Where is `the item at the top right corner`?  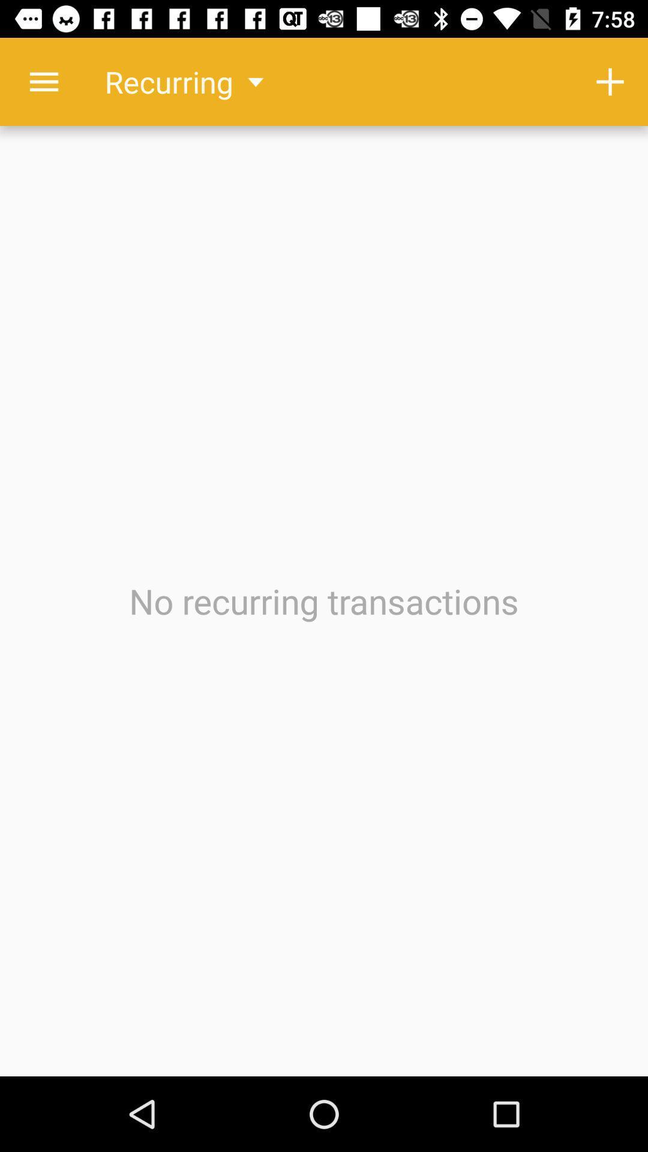 the item at the top right corner is located at coordinates (610, 81).